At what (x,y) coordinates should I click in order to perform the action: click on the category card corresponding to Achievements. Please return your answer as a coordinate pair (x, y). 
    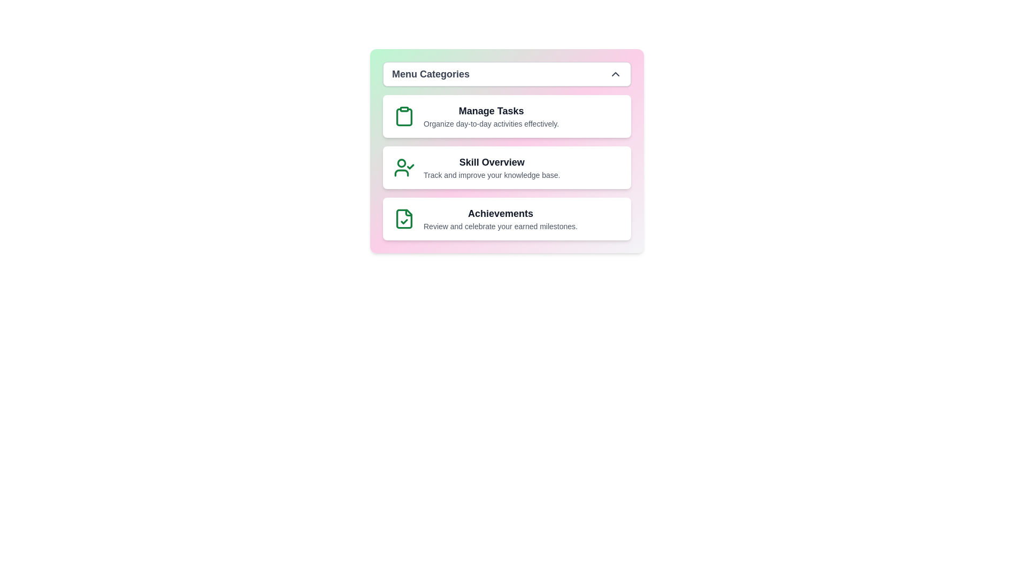
    Looking at the image, I should click on (507, 218).